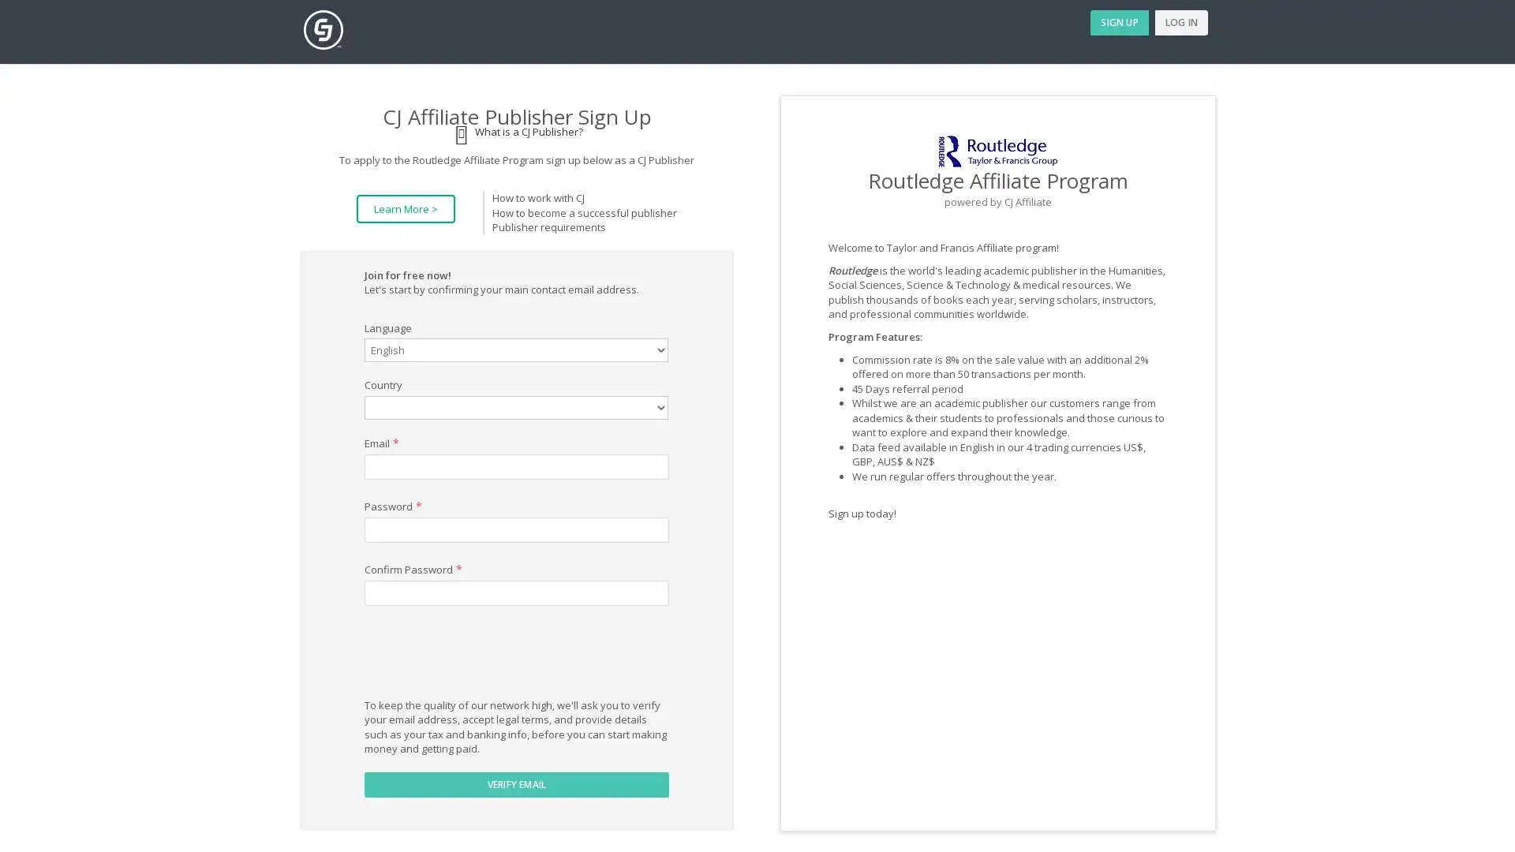 This screenshot has height=852, width=1515. Describe the element at coordinates (1181, 23) in the screenshot. I see `LOG IN` at that location.